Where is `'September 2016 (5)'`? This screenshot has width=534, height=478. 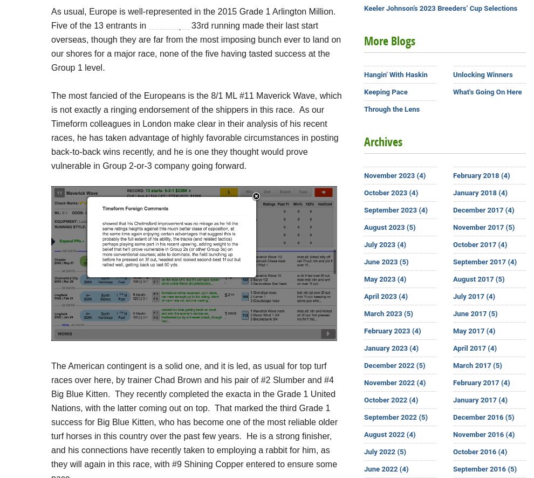
'September 2016 (5)' is located at coordinates (484, 468).